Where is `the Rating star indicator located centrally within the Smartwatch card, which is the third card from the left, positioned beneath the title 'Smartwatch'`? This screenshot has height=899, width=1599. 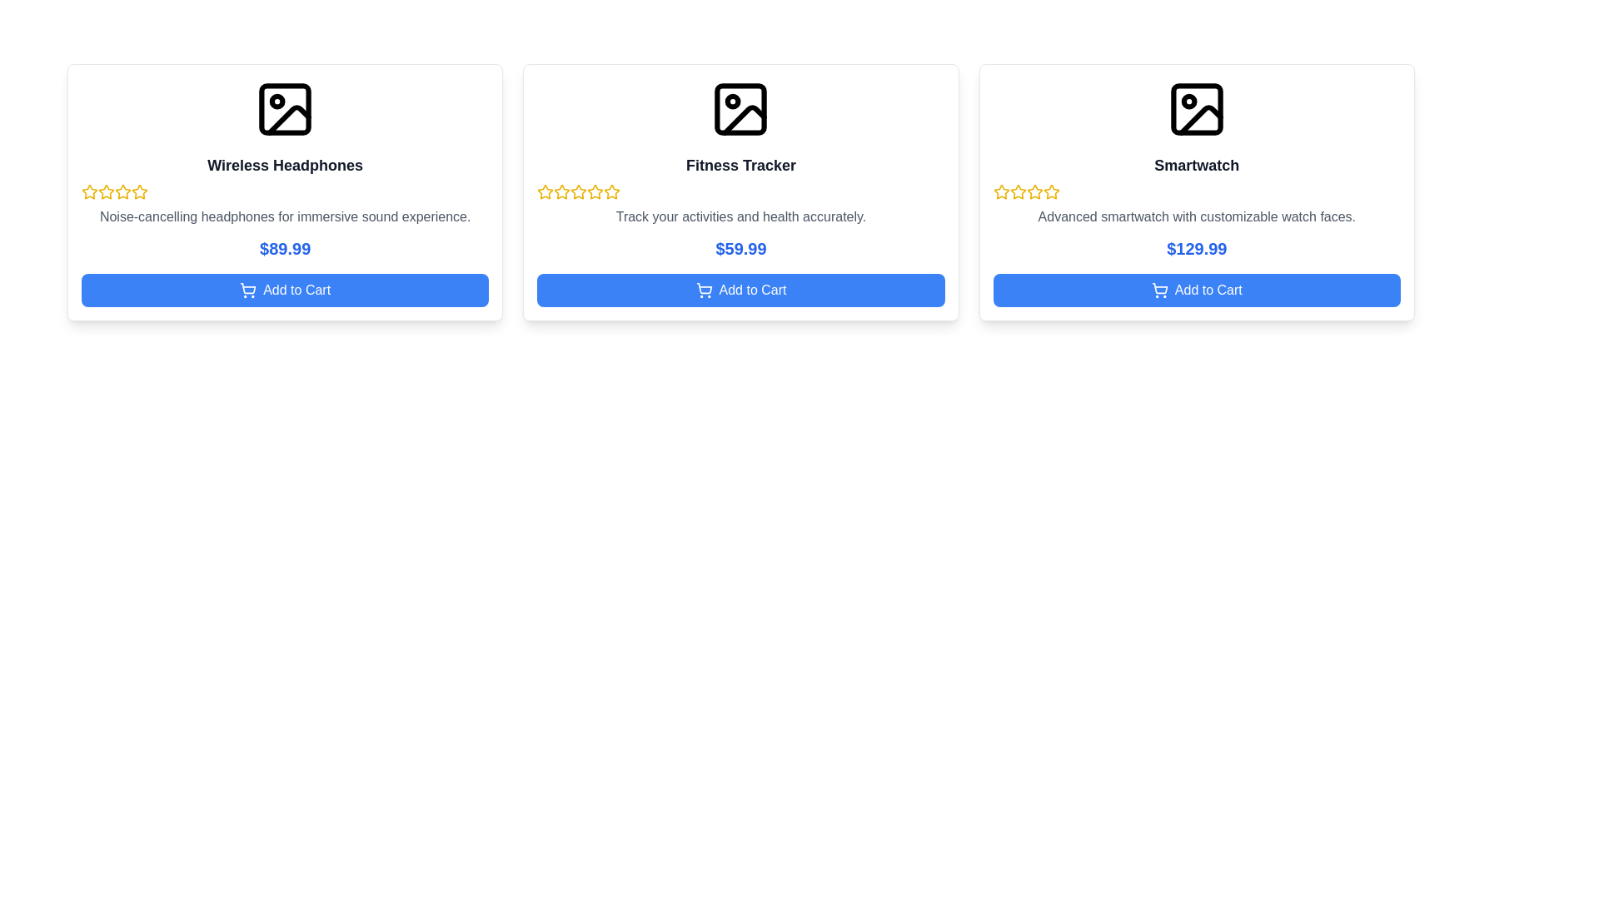 the Rating star indicator located centrally within the Smartwatch card, which is the third card from the left, positioned beneath the title 'Smartwatch' is located at coordinates (1196, 191).